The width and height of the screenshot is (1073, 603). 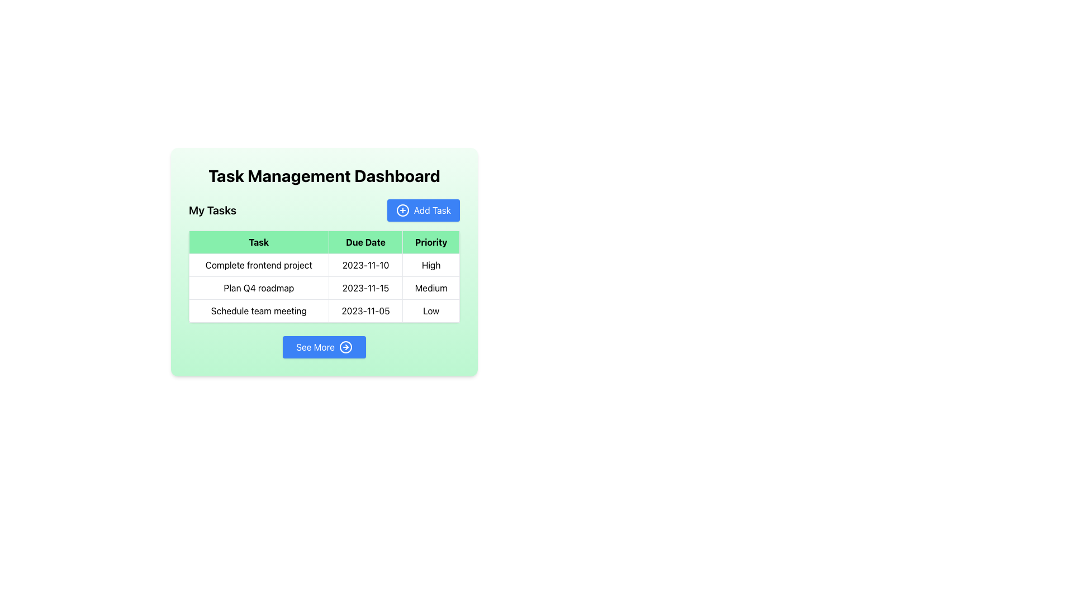 What do you see at coordinates (345, 346) in the screenshot?
I see `the SVG Icon located to the right of the 'See More' text within the blue button at the bottom of the dashboard interface` at bounding box center [345, 346].